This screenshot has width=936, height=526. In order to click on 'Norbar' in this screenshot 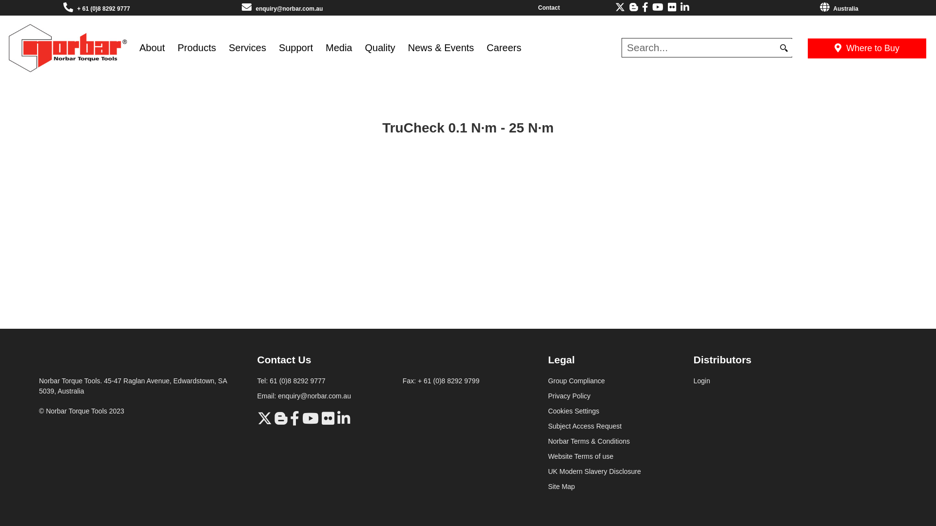, I will do `click(7, 47)`.